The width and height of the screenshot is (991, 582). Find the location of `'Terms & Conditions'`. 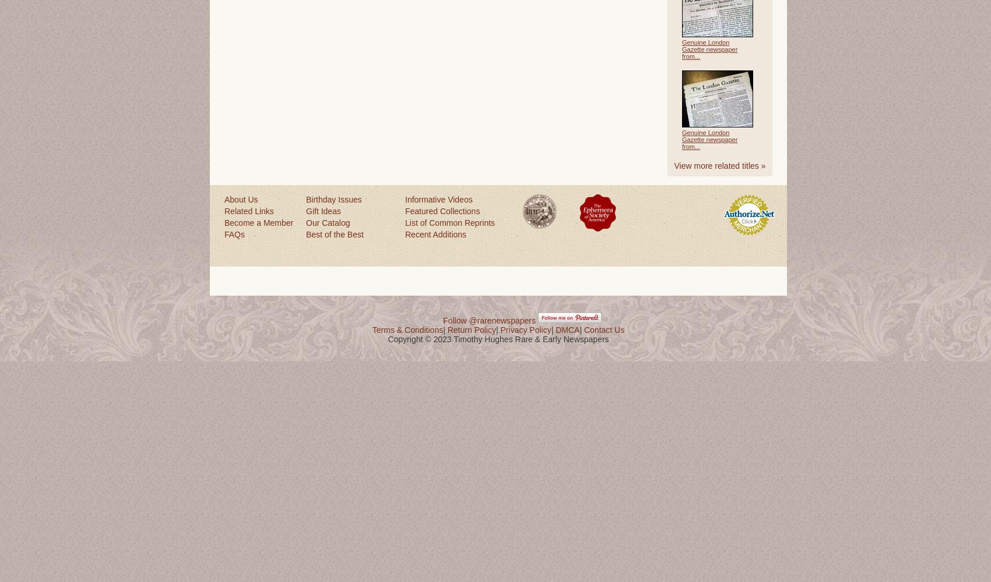

'Terms & Conditions' is located at coordinates (407, 329).